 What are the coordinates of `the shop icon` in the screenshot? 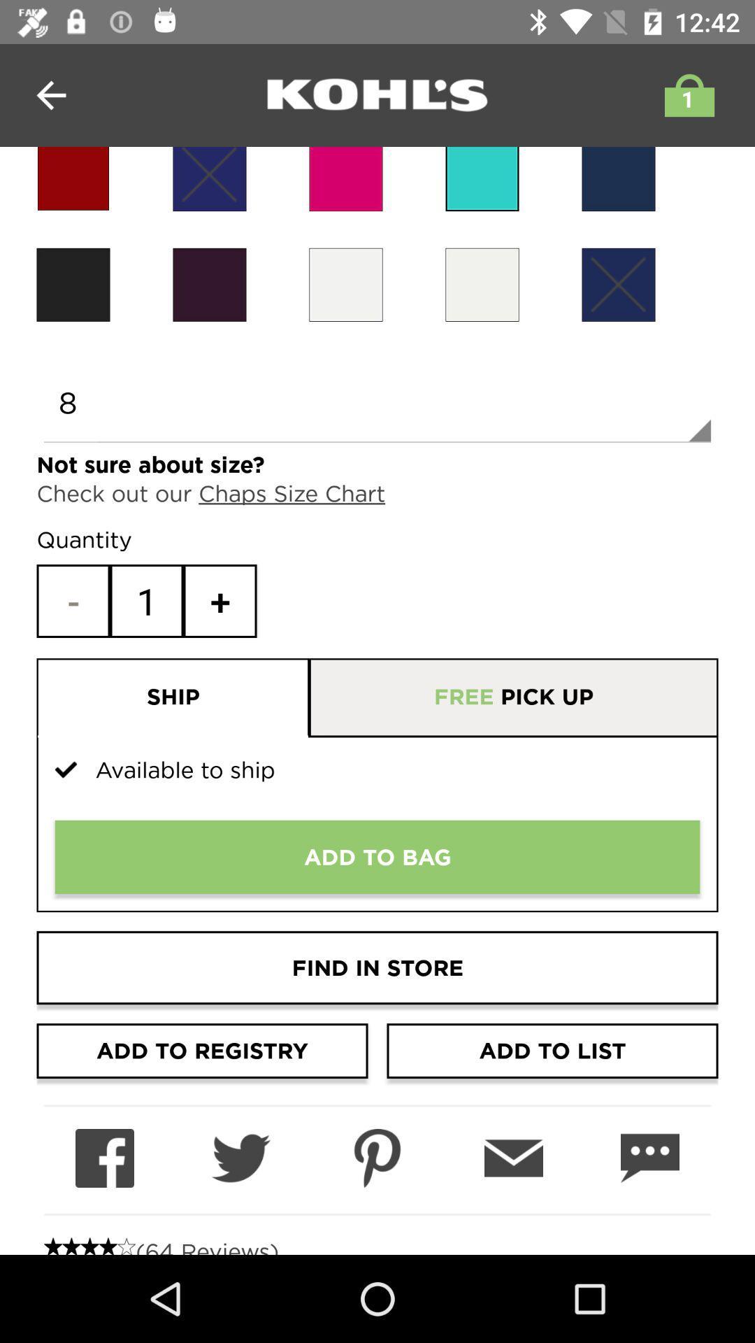 It's located at (685, 94).